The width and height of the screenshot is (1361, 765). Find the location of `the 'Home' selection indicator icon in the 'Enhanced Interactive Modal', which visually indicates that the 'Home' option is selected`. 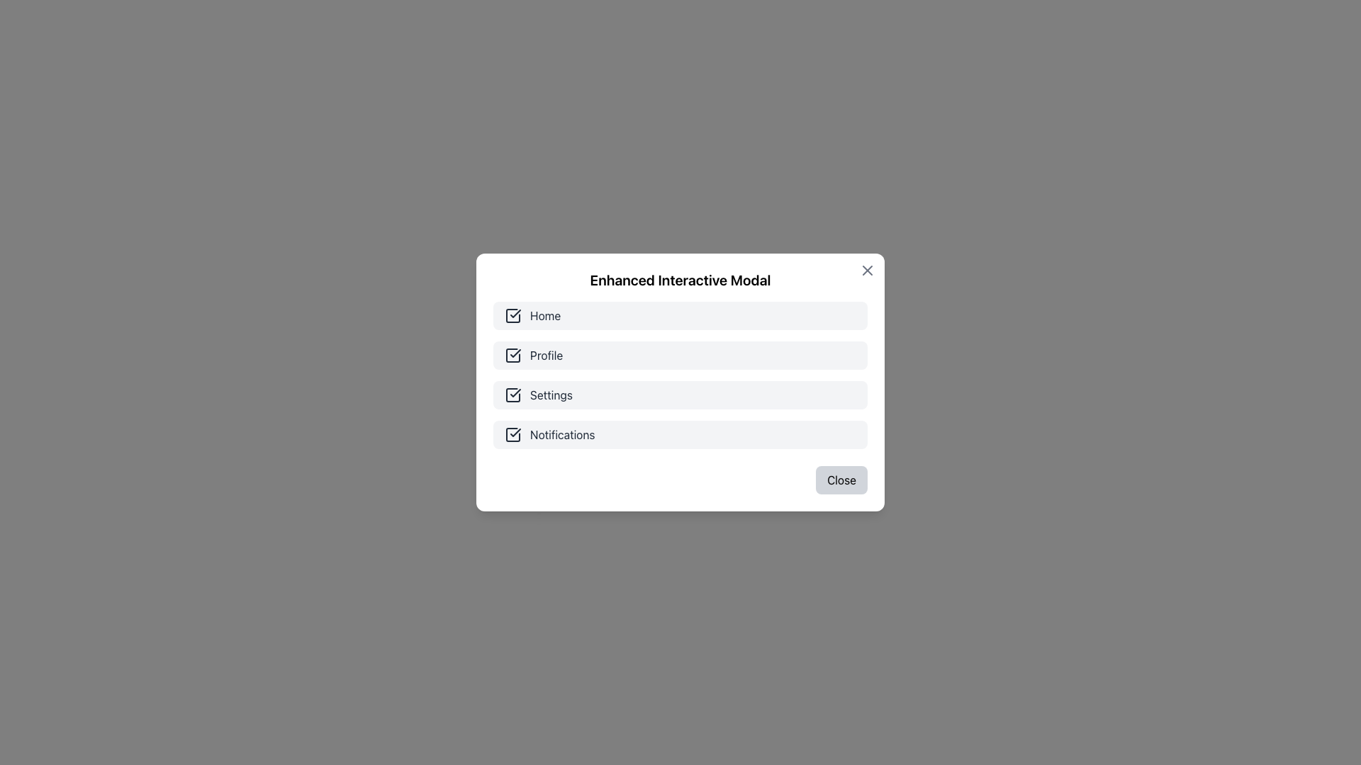

the 'Home' selection indicator icon in the 'Enhanced Interactive Modal', which visually indicates that the 'Home' option is selected is located at coordinates (513, 315).